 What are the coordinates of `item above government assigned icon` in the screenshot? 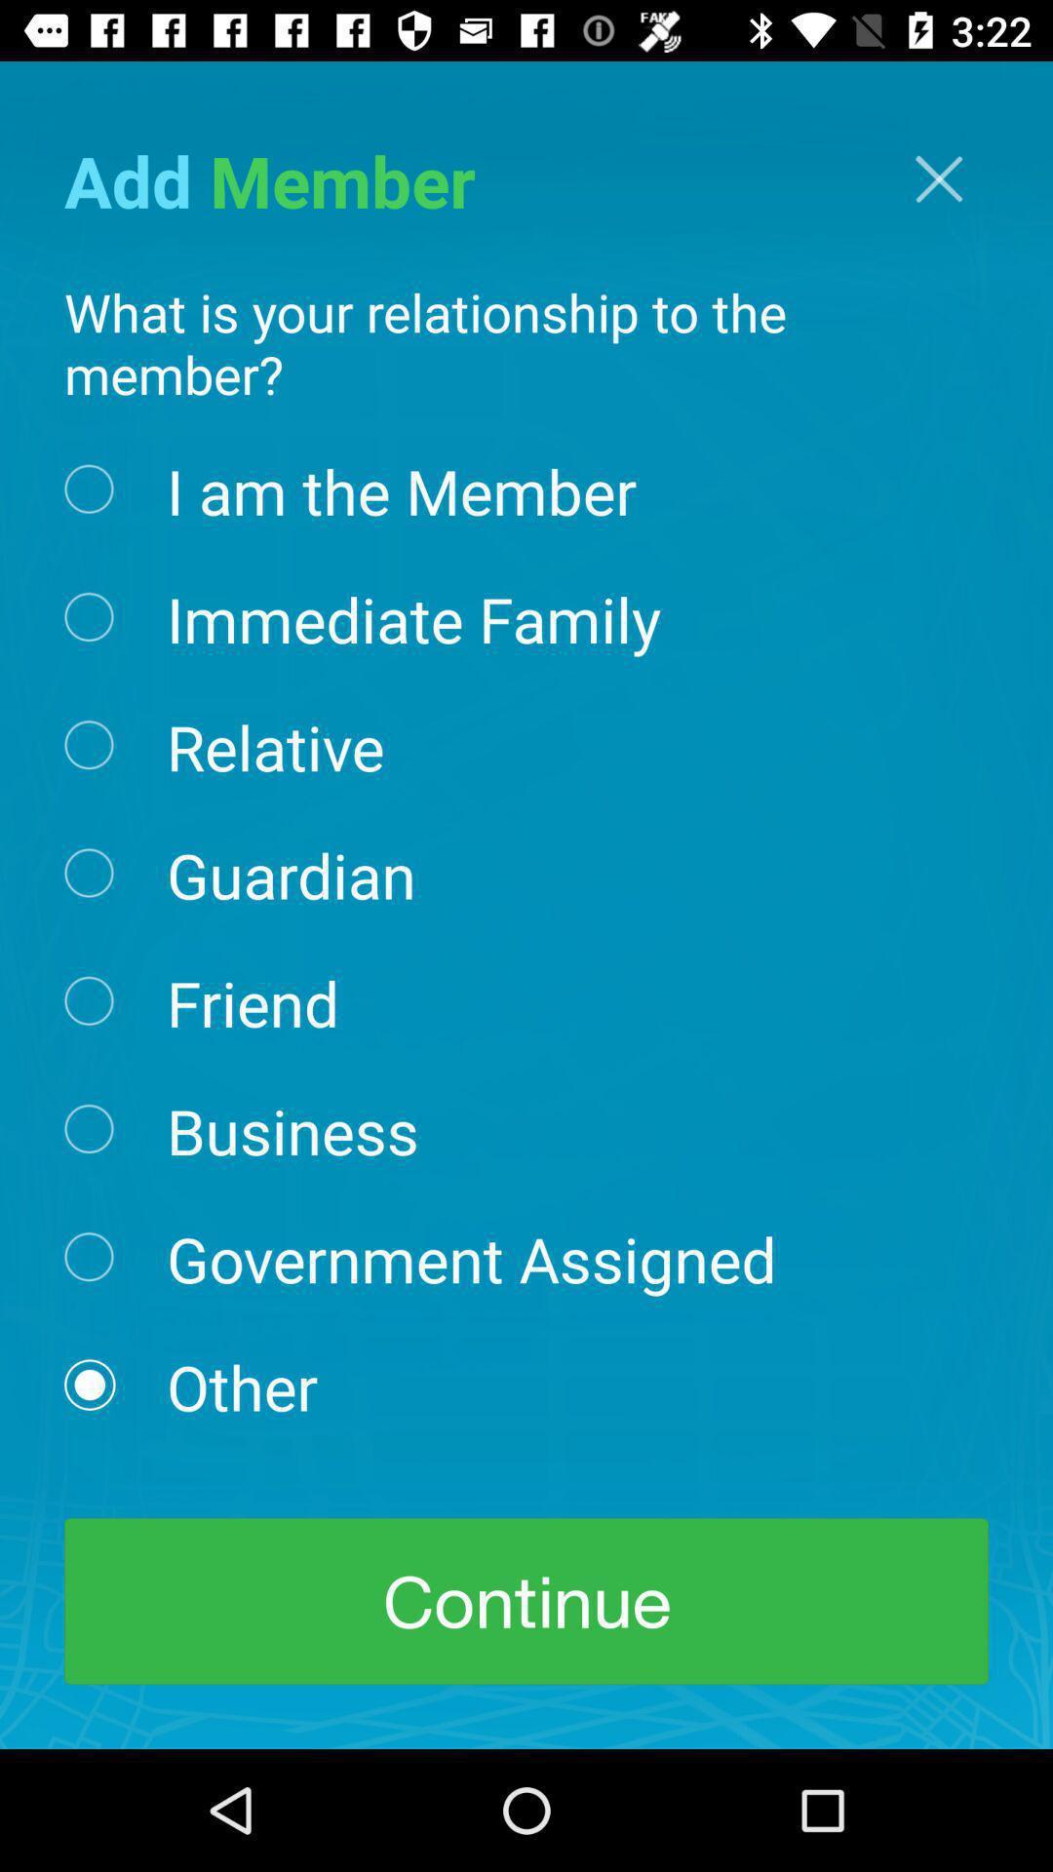 It's located at (292, 1129).